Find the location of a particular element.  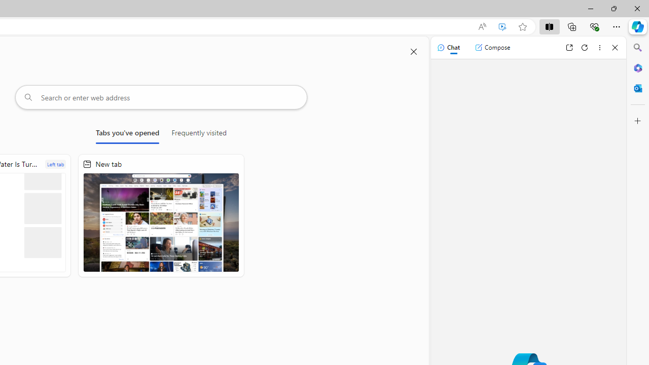

'Outlook' is located at coordinates (637, 88).